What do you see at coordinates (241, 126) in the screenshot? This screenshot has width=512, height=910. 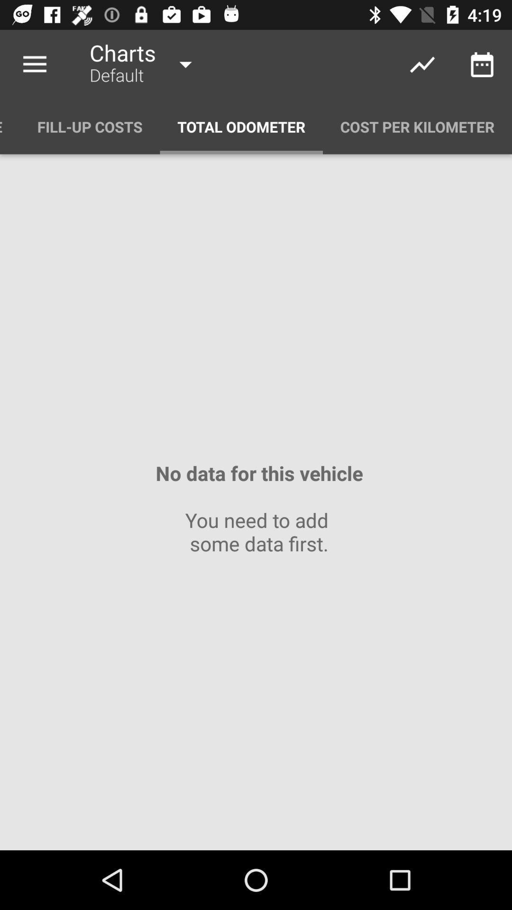 I see `the item next to the cost per kilometer item` at bounding box center [241, 126].